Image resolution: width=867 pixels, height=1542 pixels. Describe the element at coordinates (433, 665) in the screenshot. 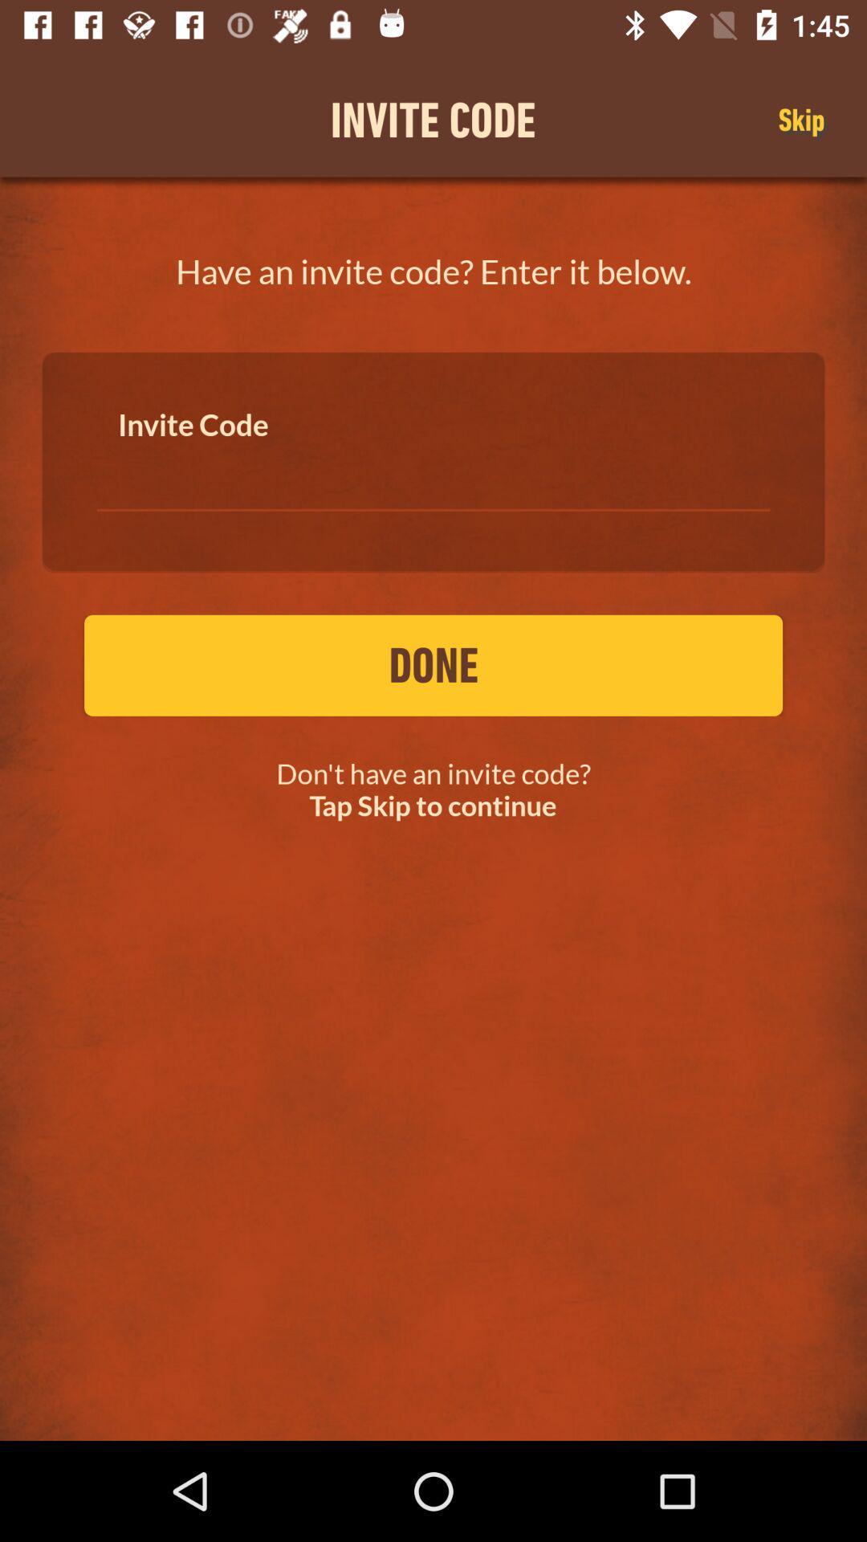

I see `done item` at that location.